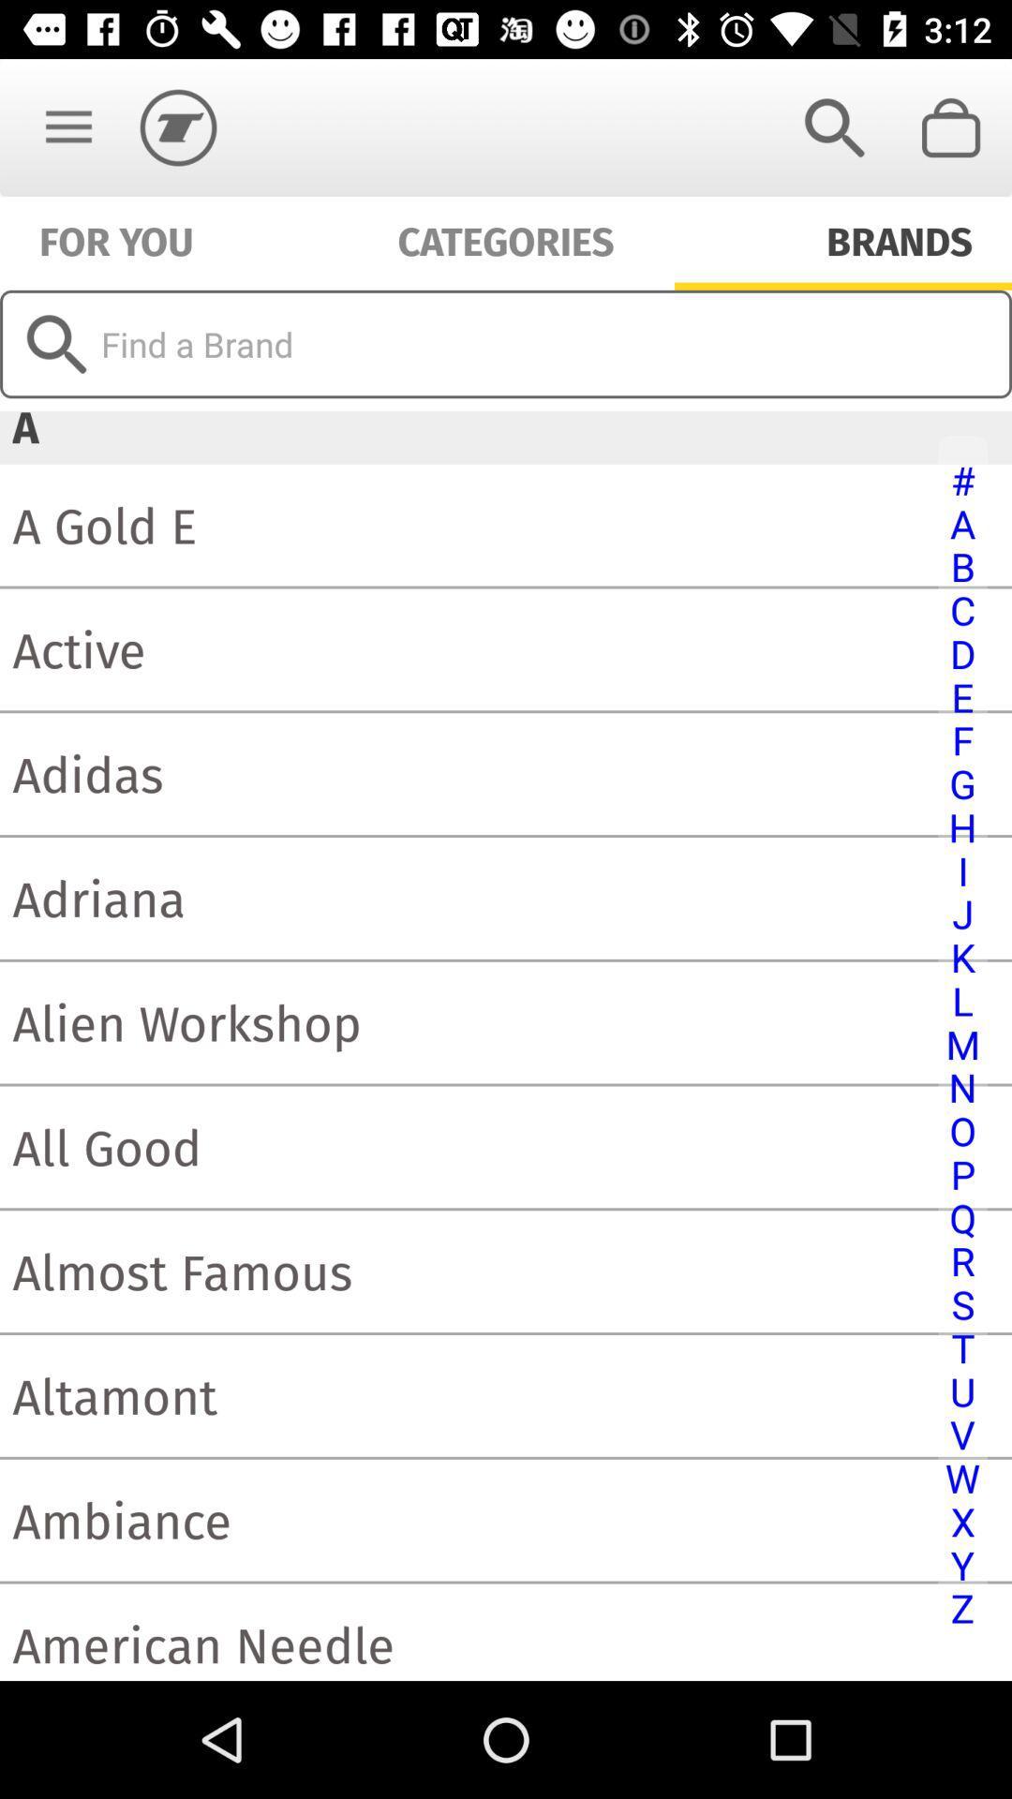  What do you see at coordinates (953, 126) in the screenshot?
I see `item above the brands icon` at bounding box center [953, 126].